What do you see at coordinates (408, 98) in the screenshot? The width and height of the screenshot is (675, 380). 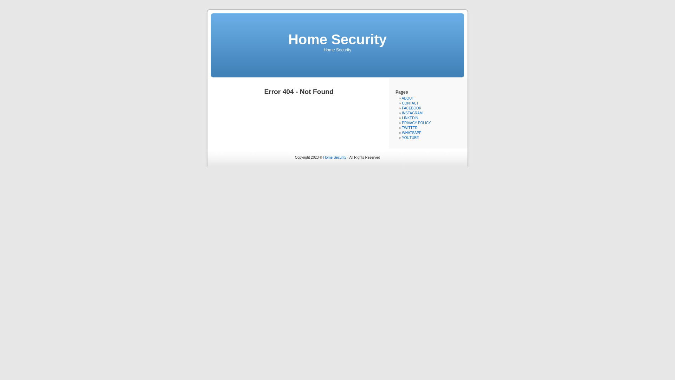 I see `'ABOUT'` at bounding box center [408, 98].